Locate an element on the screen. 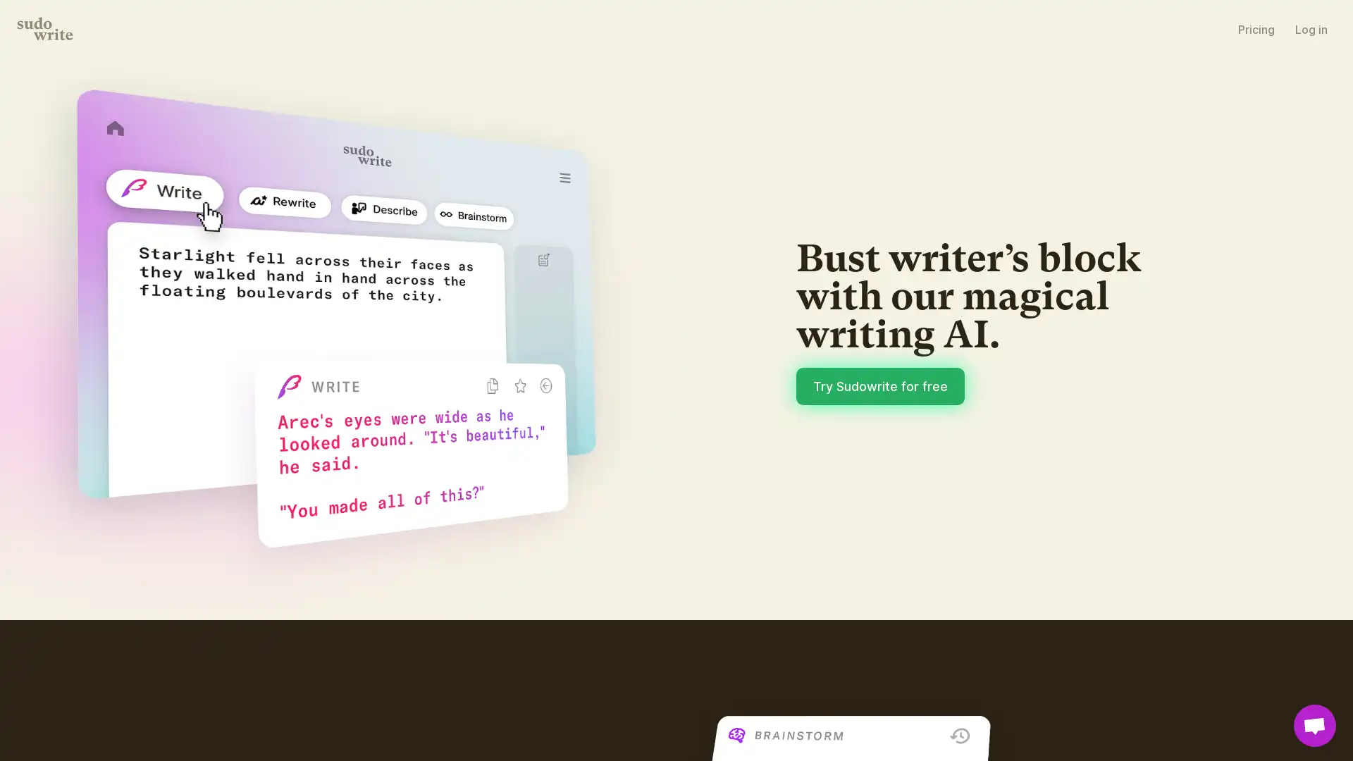 Image resolution: width=1353 pixels, height=761 pixels. Try Sudowrite for free is located at coordinates (879, 385).